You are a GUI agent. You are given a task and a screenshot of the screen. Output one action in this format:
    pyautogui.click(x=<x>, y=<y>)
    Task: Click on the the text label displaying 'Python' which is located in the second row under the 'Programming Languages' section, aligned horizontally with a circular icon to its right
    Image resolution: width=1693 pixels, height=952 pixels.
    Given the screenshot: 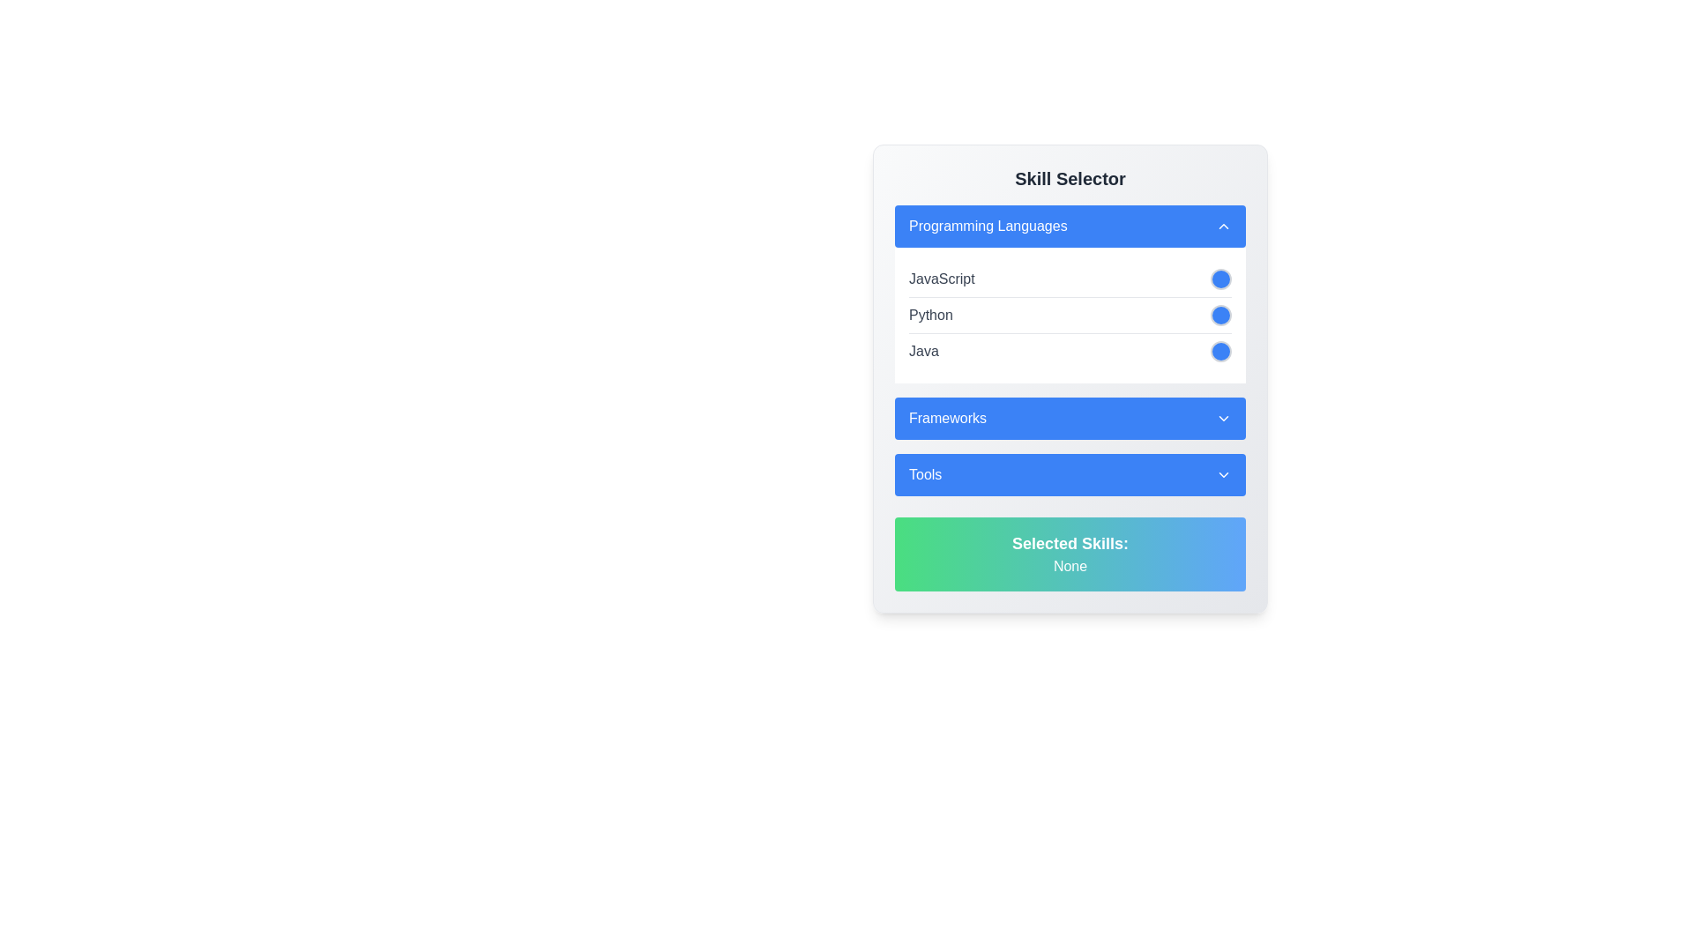 What is the action you would take?
    pyautogui.click(x=930, y=315)
    